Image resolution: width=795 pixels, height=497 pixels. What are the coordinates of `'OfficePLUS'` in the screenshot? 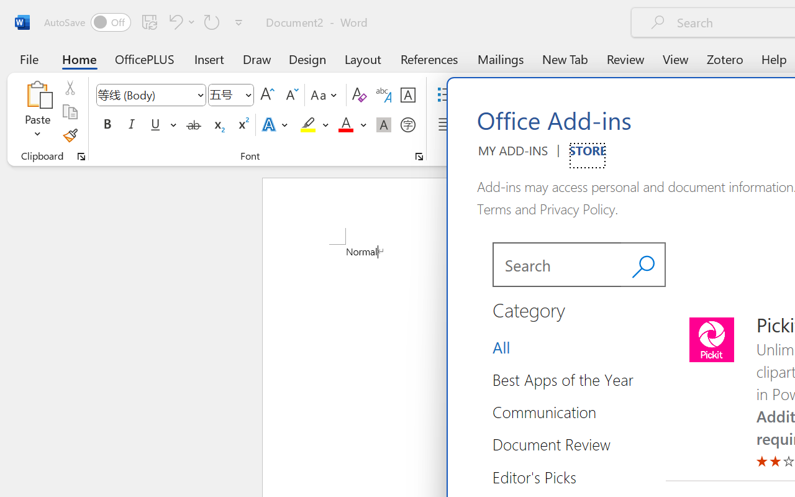 It's located at (145, 58).